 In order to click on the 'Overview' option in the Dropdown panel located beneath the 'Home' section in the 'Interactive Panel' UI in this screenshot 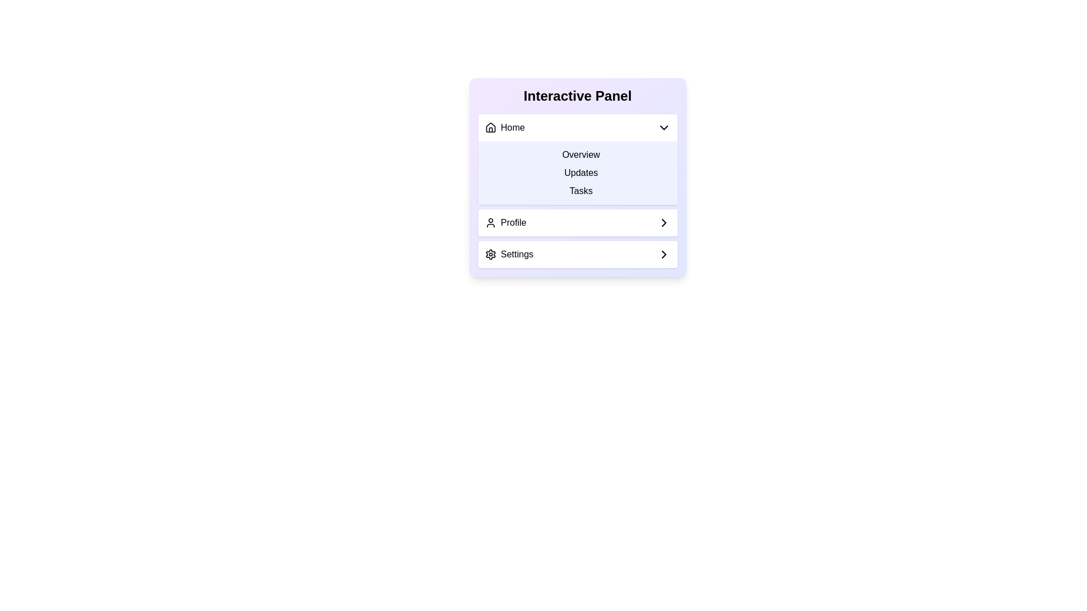, I will do `click(577, 159)`.